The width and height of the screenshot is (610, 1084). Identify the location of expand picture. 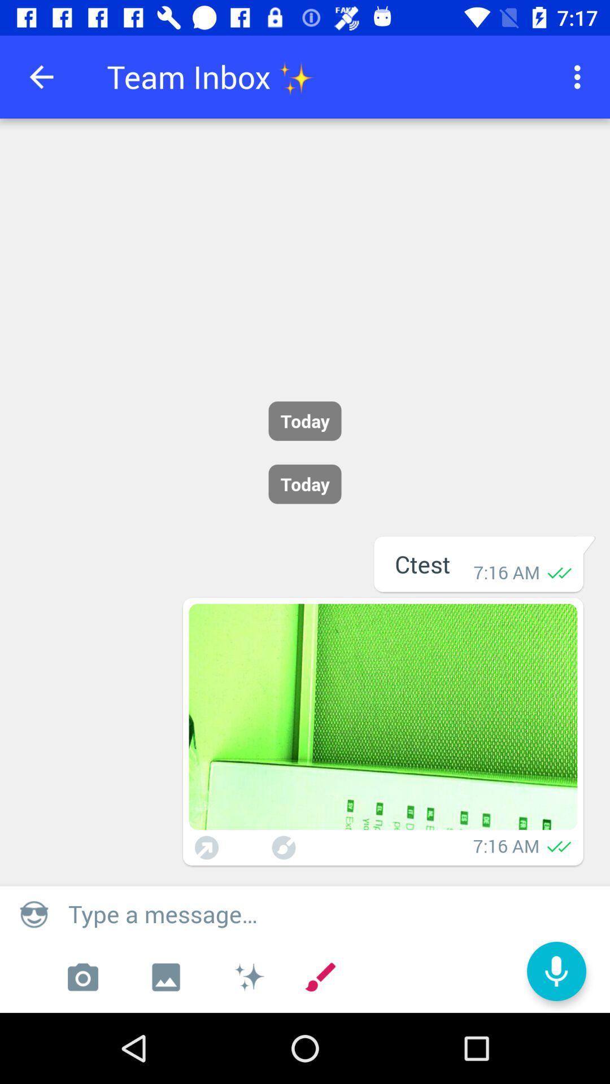
(382, 716).